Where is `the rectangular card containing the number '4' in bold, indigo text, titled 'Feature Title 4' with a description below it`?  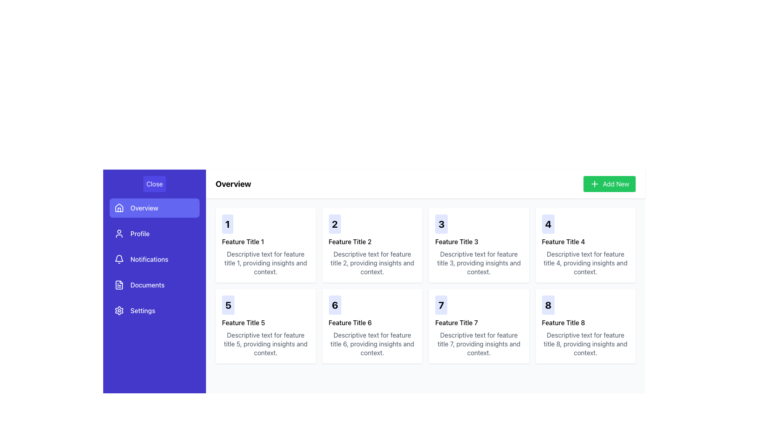 the rectangular card containing the number '4' in bold, indigo text, titled 'Feature Title 4' with a description below it is located at coordinates (585, 245).